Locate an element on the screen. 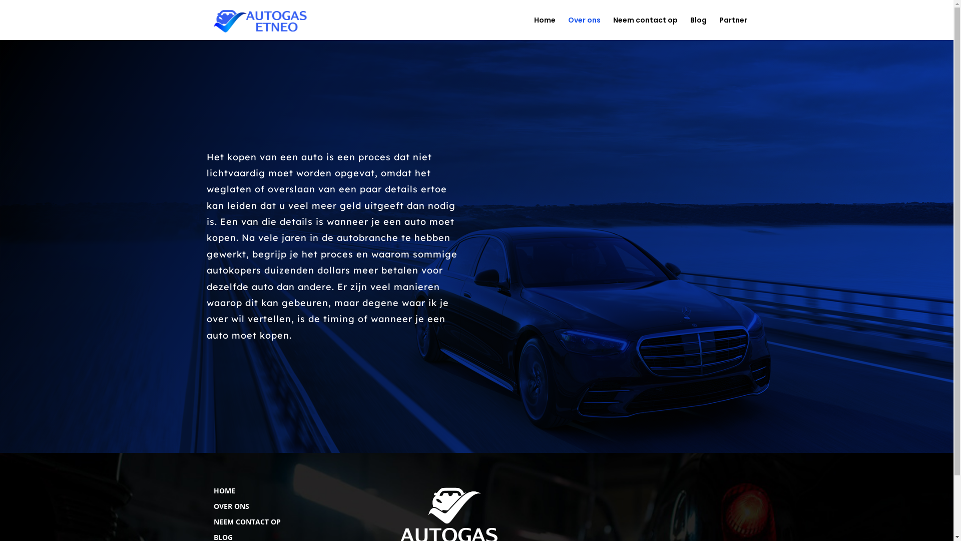  'Home' is located at coordinates (544, 28).